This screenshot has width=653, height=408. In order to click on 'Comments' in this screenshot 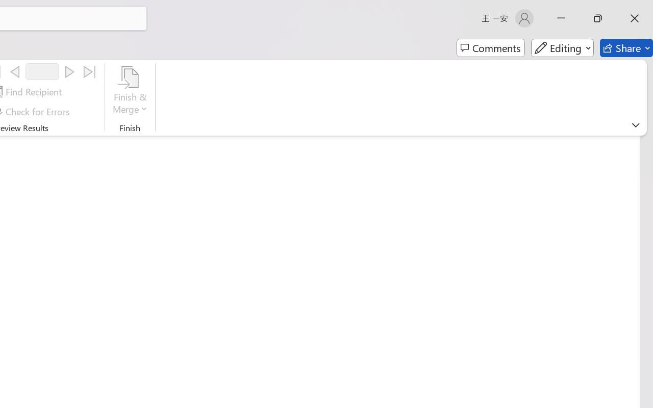, I will do `click(490, 48)`.